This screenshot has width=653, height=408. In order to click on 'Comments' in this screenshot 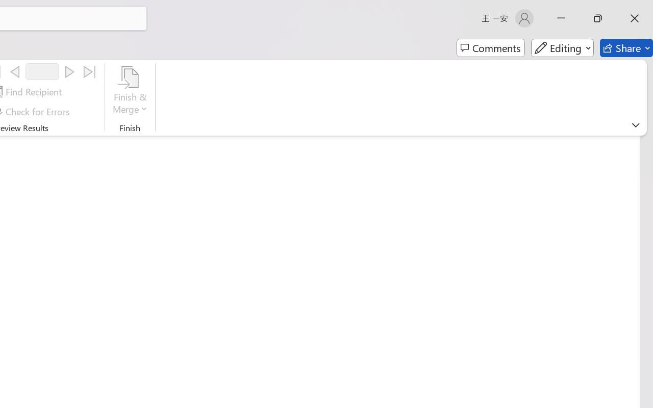, I will do `click(490, 48)`.